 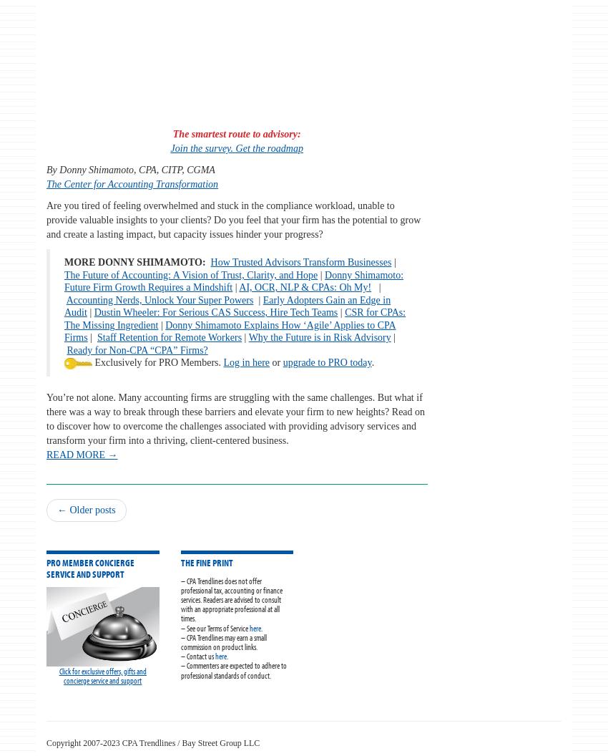 I want to click on 'Dustin Wheeler: For Serious CAS Success, Hire Tech Teams', so click(x=215, y=312).